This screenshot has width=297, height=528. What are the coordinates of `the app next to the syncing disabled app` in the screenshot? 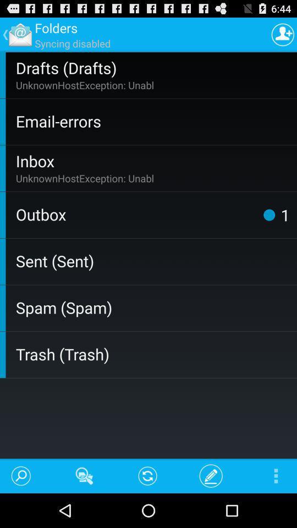 It's located at (283, 34).